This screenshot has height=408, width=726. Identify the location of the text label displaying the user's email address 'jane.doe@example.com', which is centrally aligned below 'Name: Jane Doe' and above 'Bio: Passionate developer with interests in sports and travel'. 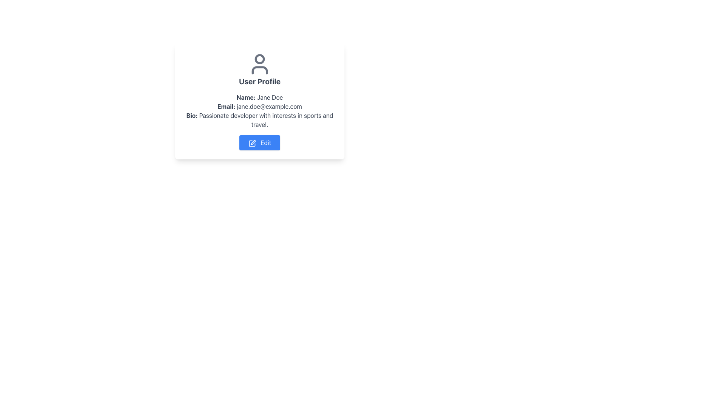
(259, 106).